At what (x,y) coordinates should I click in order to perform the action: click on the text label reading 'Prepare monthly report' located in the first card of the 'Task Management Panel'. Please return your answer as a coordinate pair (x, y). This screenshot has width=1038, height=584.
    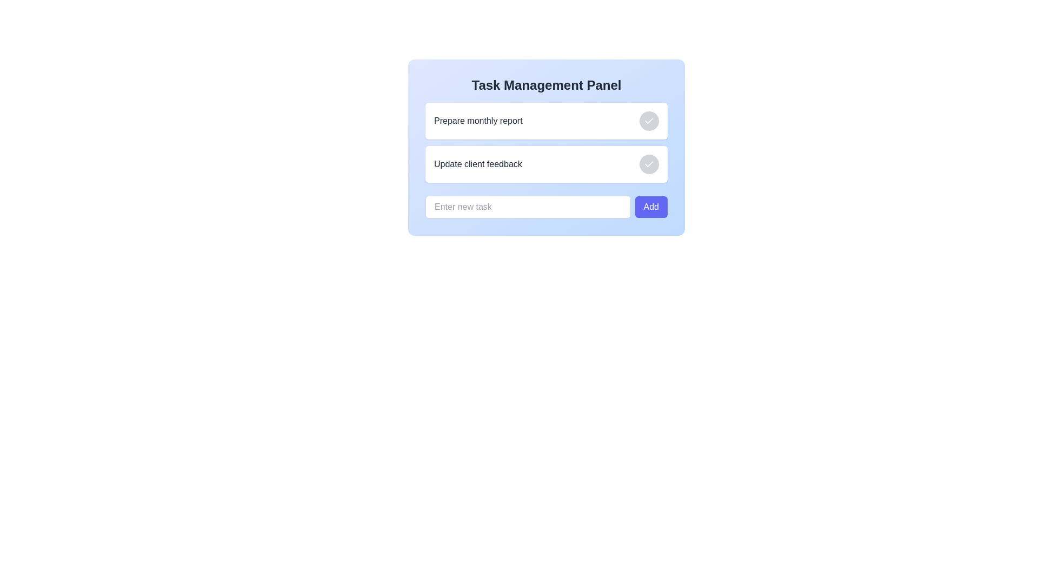
    Looking at the image, I should click on (477, 121).